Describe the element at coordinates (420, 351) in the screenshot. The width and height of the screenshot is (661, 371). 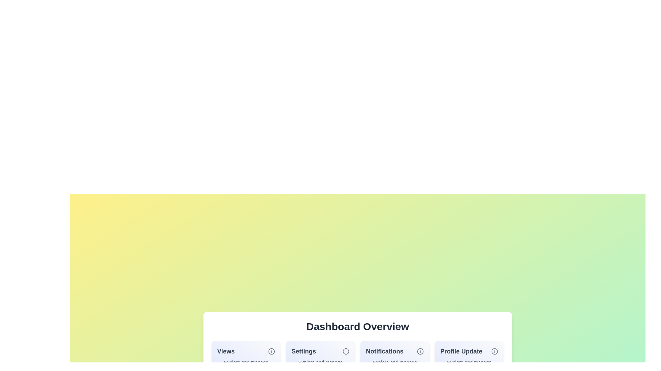
I see `the informative icon located at the far right of the 'Notifications' card header` at that location.